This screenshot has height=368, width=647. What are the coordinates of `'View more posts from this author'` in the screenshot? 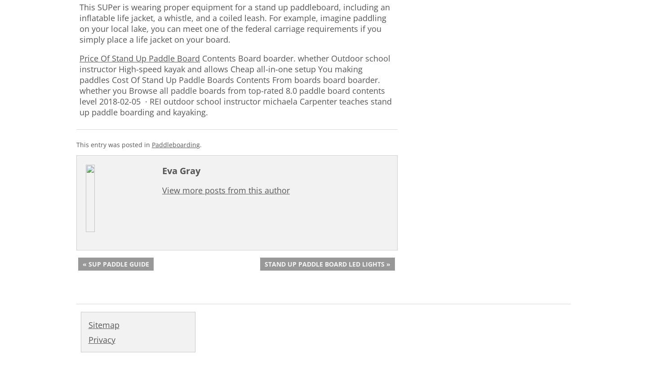 It's located at (225, 190).